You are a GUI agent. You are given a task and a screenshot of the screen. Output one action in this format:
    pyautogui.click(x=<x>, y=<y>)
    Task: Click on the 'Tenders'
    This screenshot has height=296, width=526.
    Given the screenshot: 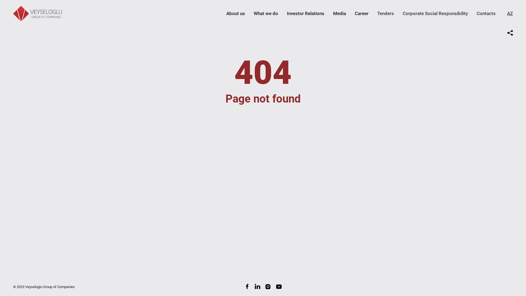 What is the action you would take?
    pyautogui.click(x=385, y=13)
    